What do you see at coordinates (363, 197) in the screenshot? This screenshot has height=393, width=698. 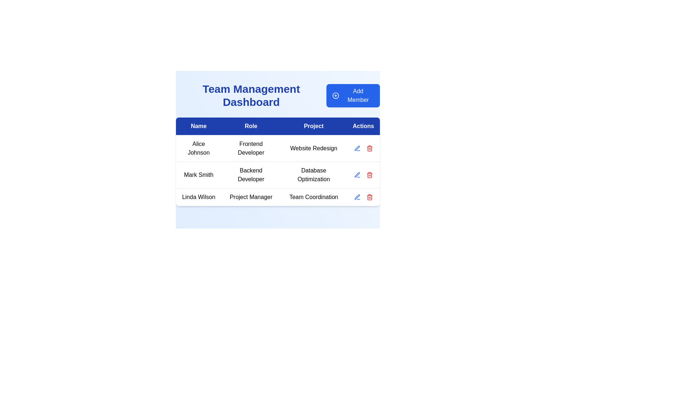 I see `the Action Cell in the 'Actions' column of the third row for 'Linda Wilson'` at bounding box center [363, 197].